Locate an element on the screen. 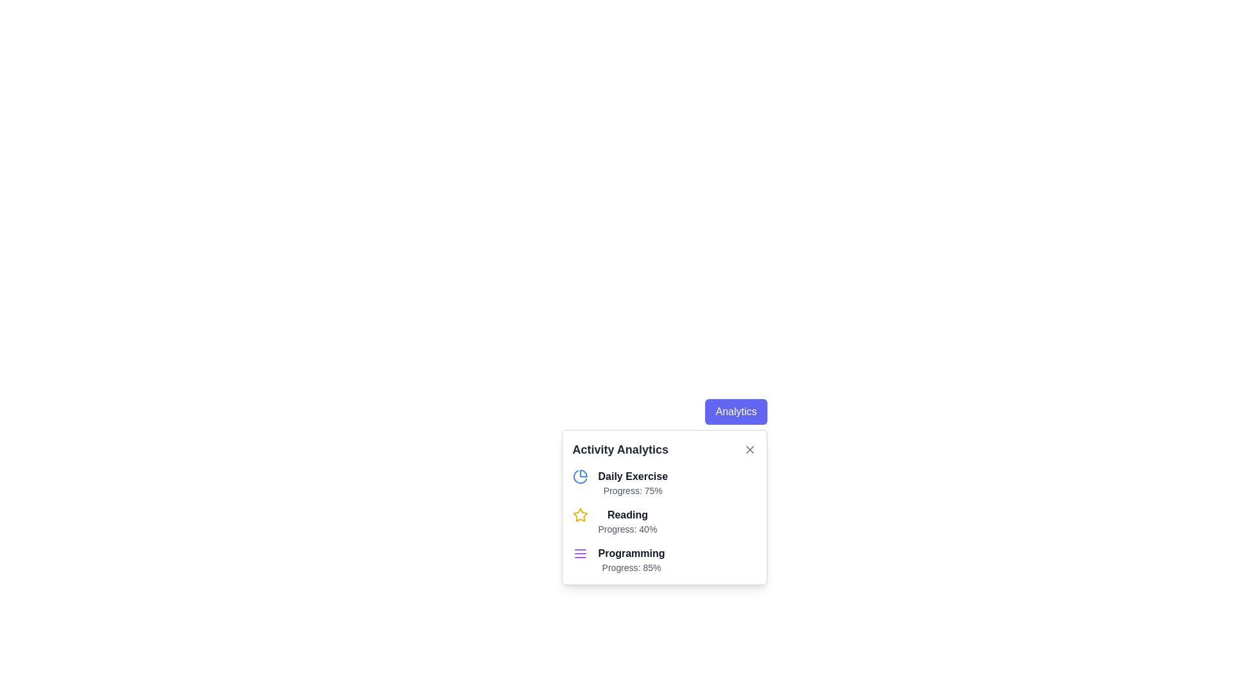  the text label displaying 'Progress: 75%' which is located directly below the bold 'Daily Exercise' text in the 'Activity Analytics' card is located at coordinates (633, 490).